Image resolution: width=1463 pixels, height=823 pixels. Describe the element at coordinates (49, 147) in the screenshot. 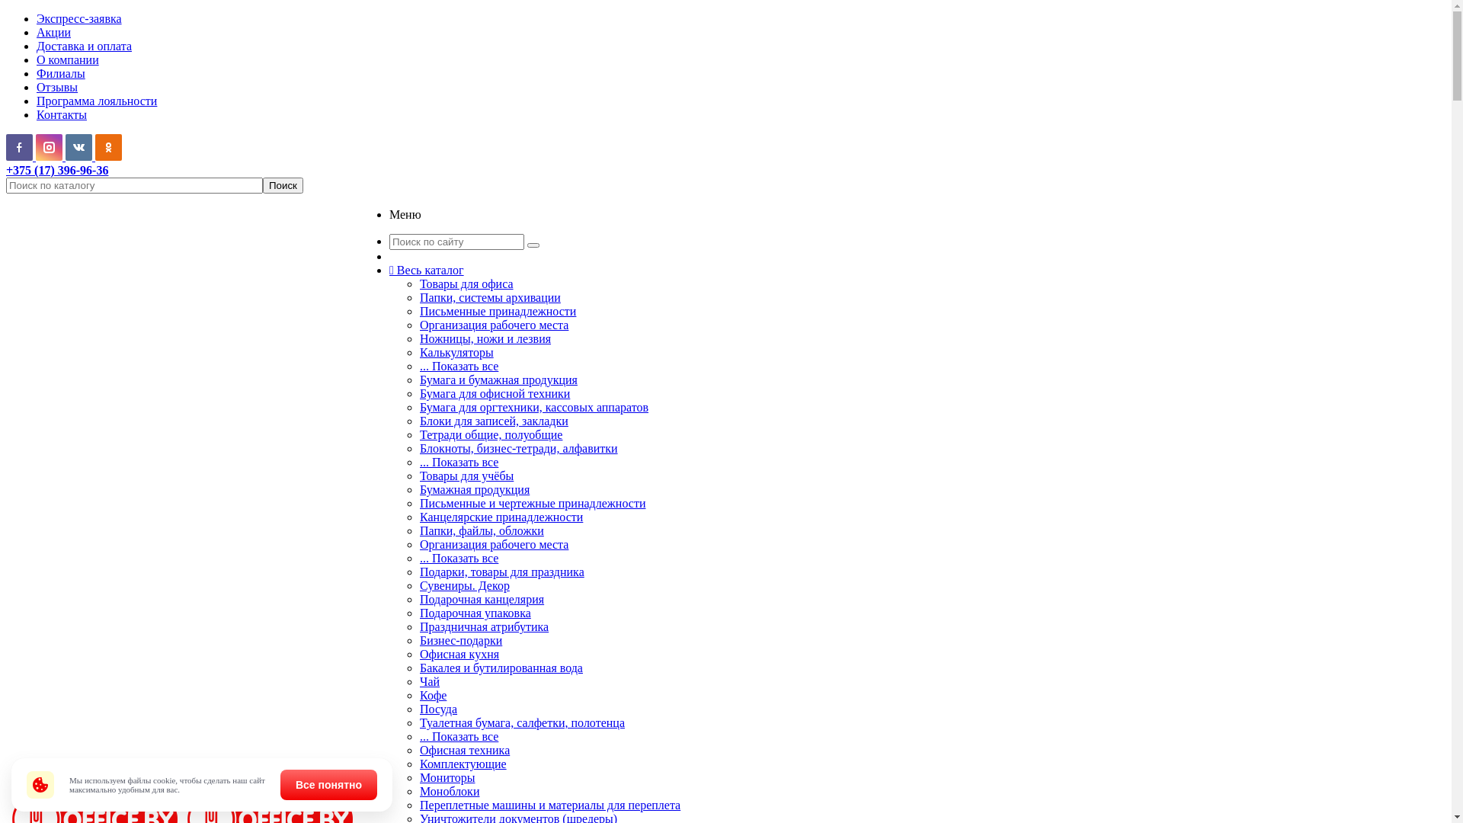

I see `'Instagram'` at that location.